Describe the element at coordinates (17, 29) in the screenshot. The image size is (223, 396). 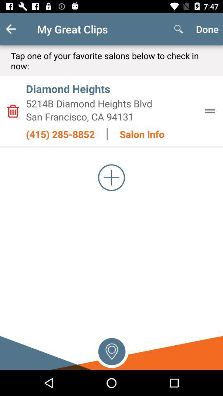
I see `the item to the left of the my great clips item` at that location.